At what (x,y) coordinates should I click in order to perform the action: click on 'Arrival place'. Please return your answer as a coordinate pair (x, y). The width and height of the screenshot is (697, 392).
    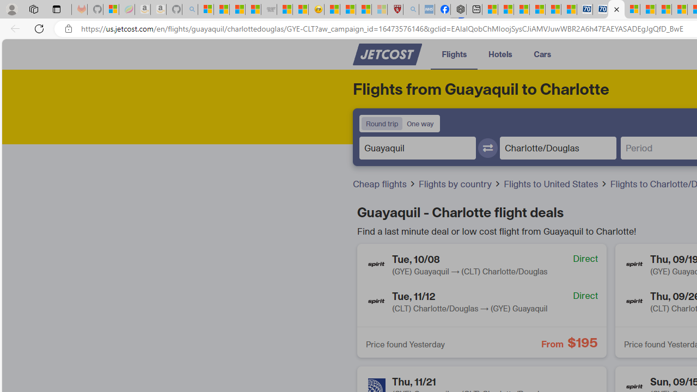
    Looking at the image, I should click on (558, 148).